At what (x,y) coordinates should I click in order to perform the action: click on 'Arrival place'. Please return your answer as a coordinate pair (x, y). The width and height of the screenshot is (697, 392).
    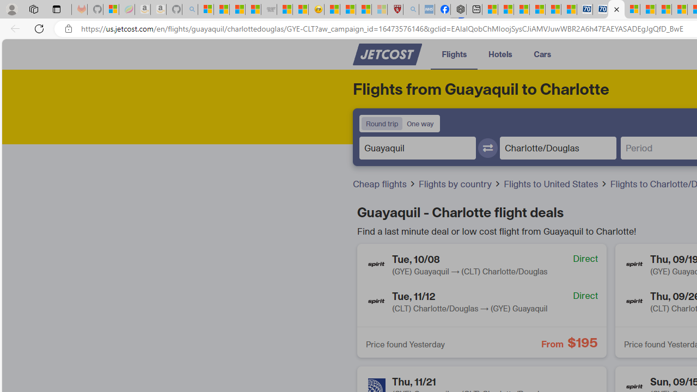
    Looking at the image, I should click on (558, 148).